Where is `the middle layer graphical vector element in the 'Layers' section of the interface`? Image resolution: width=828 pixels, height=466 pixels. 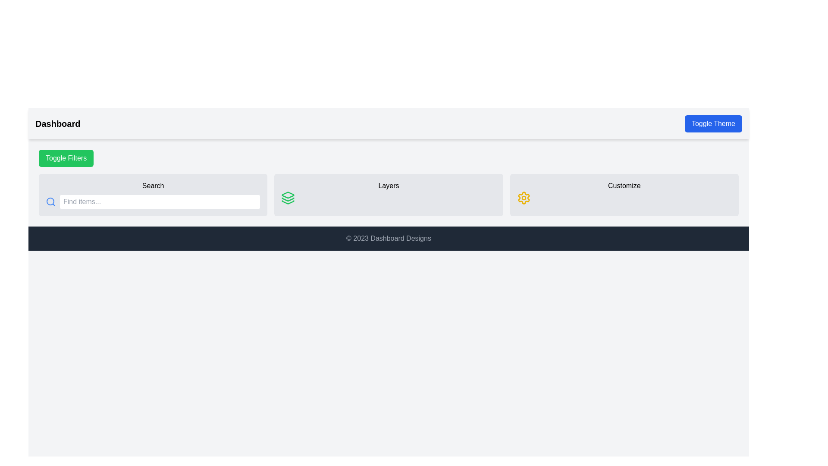
the middle layer graphical vector element in the 'Layers' section of the interface is located at coordinates (288, 199).